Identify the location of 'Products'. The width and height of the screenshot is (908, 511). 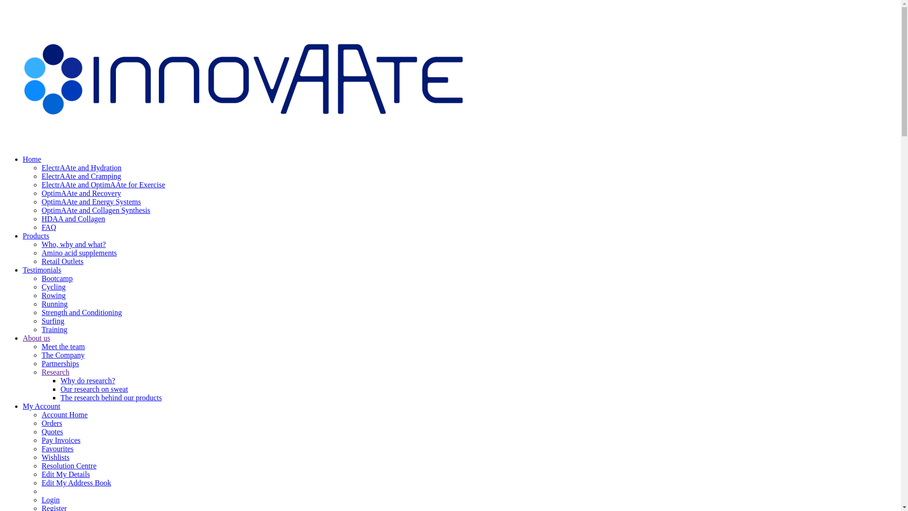
(36, 235).